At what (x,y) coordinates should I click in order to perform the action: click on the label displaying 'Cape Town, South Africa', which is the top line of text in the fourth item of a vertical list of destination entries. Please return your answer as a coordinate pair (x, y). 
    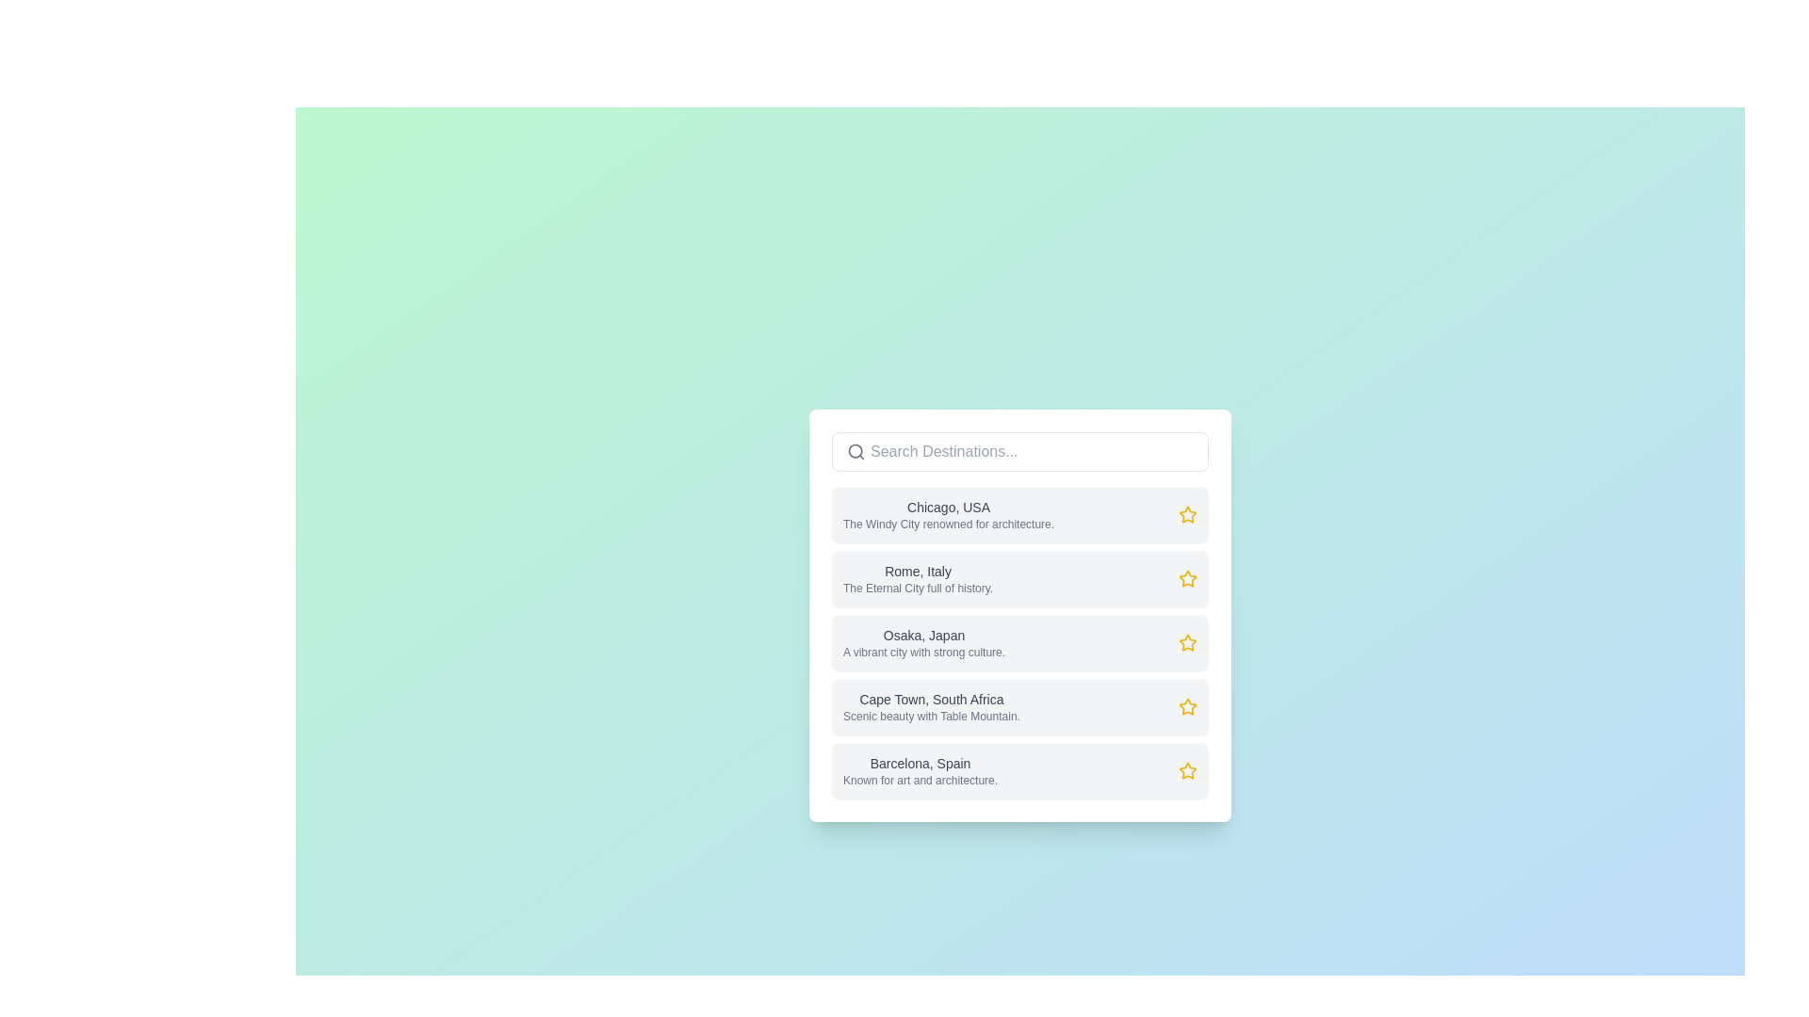
    Looking at the image, I should click on (931, 700).